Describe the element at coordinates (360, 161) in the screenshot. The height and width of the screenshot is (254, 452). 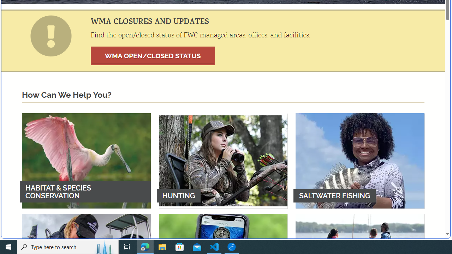
I see `'SALTWATER FISHING'` at that location.